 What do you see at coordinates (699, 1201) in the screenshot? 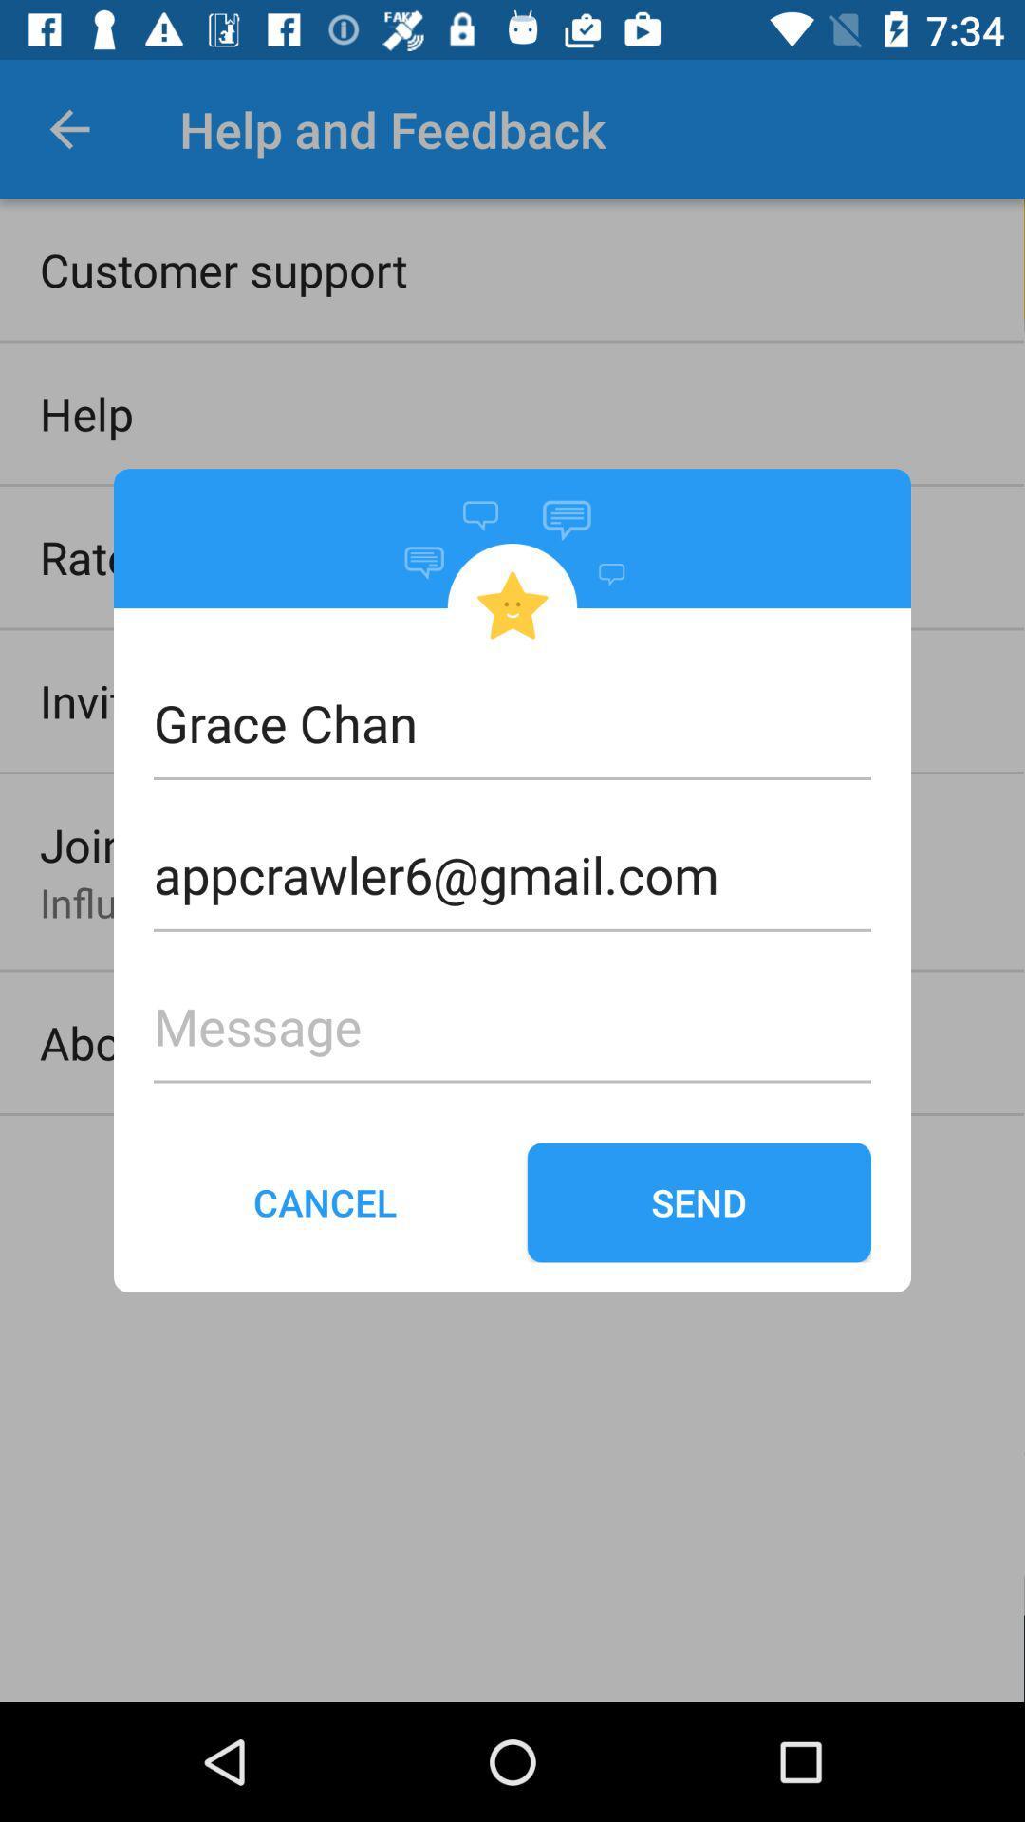
I see `send` at bounding box center [699, 1201].